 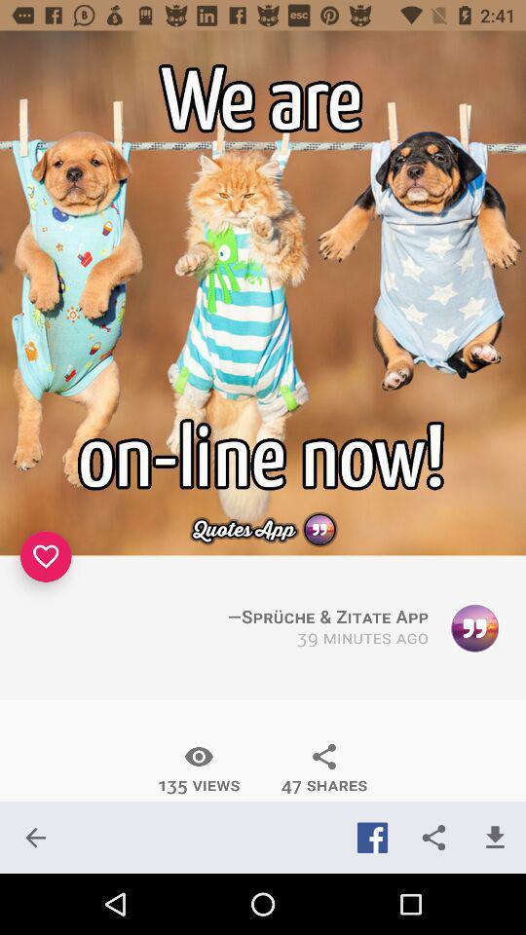 I want to click on item at the bottom left corner, so click(x=35, y=837).